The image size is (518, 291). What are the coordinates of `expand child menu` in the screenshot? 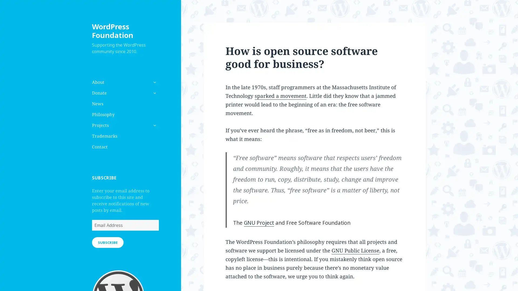 It's located at (154, 125).